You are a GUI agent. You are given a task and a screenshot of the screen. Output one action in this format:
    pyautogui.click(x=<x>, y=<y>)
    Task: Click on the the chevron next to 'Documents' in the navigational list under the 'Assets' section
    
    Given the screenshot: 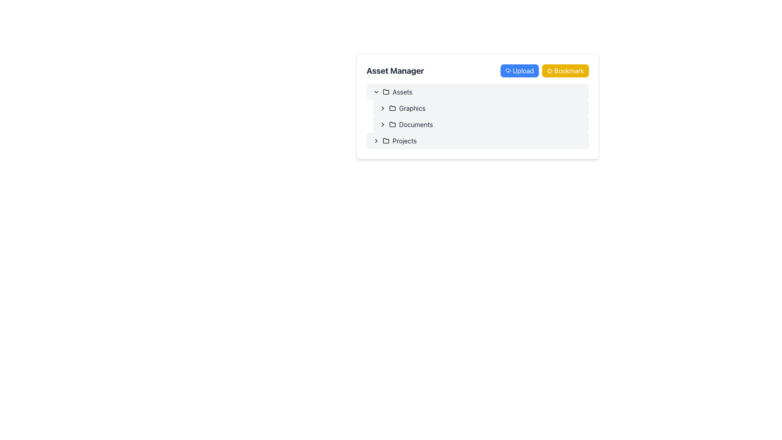 What is the action you would take?
    pyautogui.click(x=481, y=116)
    